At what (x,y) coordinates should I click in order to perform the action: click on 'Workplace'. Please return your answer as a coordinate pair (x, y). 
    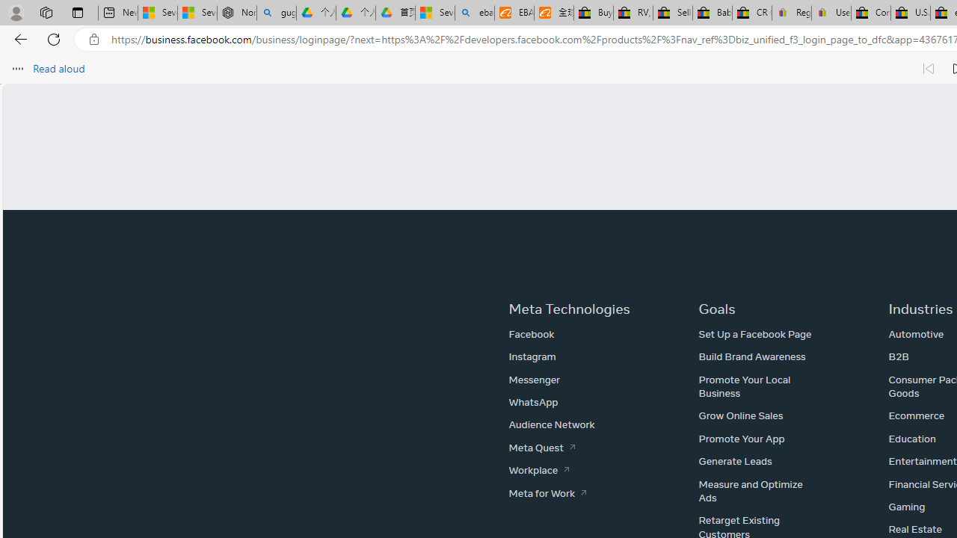
    Looking at the image, I should click on (538, 469).